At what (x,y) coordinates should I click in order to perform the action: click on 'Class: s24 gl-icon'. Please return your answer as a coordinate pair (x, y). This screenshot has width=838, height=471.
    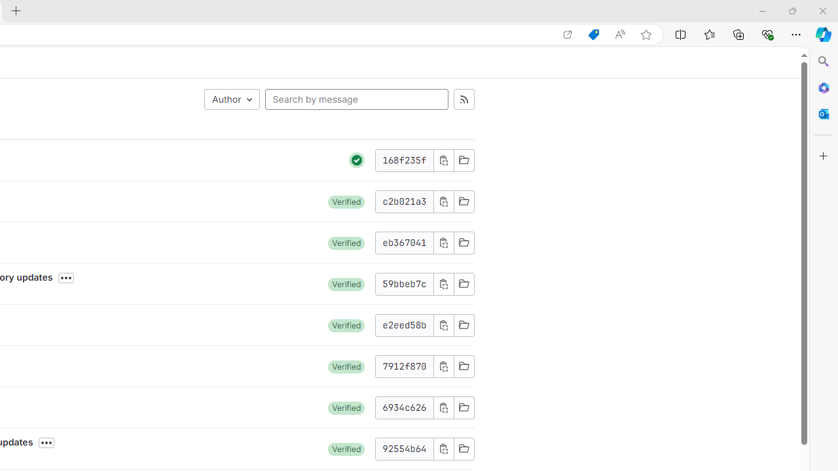
    Looking at the image, I should click on (357, 159).